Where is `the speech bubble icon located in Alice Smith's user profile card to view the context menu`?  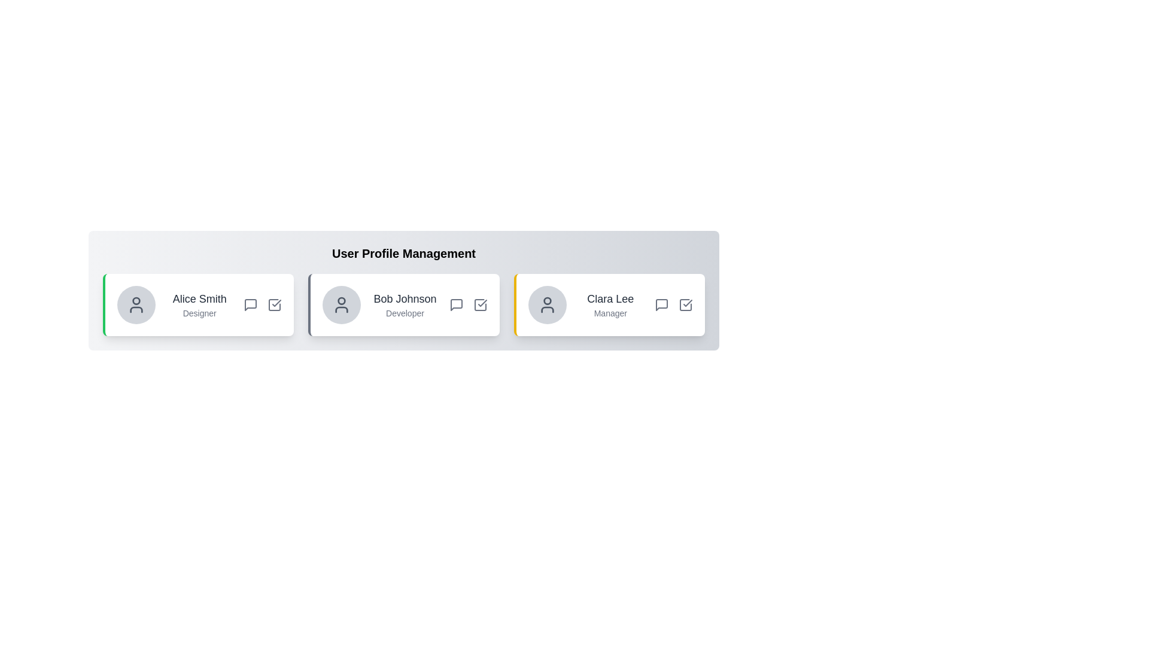 the speech bubble icon located in Alice Smith's user profile card to view the context menu is located at coordinates (250, 304).